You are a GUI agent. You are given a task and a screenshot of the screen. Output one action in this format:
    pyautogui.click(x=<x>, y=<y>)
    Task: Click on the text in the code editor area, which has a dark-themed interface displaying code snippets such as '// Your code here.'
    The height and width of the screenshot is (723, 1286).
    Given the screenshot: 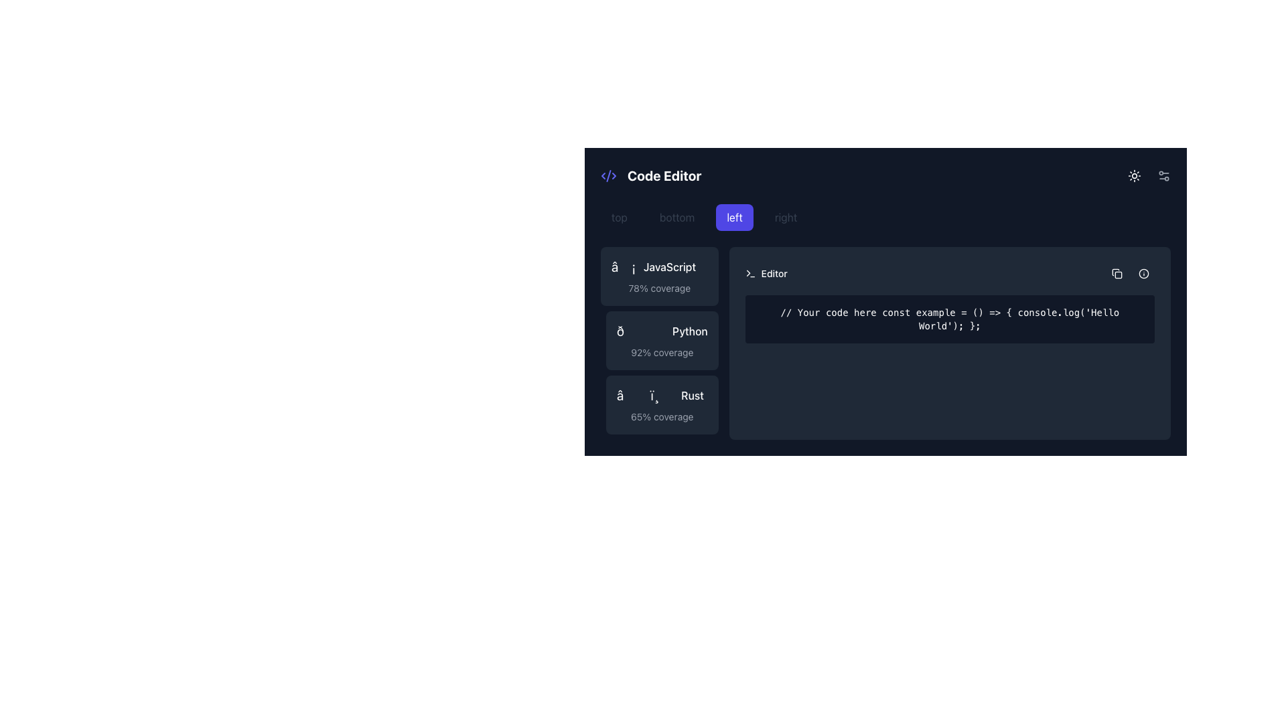 What is the action you would take?
    pyautogui.click(x=885, y=343)
    